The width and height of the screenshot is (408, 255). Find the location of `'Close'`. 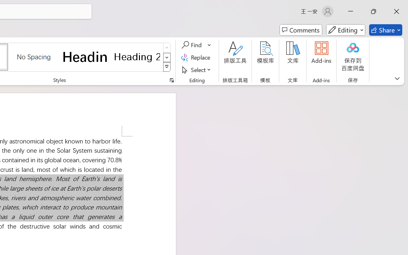

'Close' is located at coordinates (400, 6).